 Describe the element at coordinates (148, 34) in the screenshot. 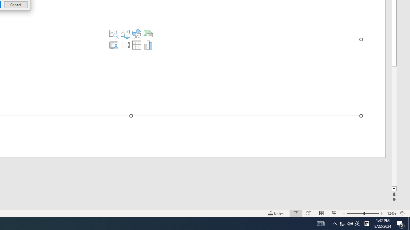

I see `'Insert a SmartArt Graphic'` at that location.